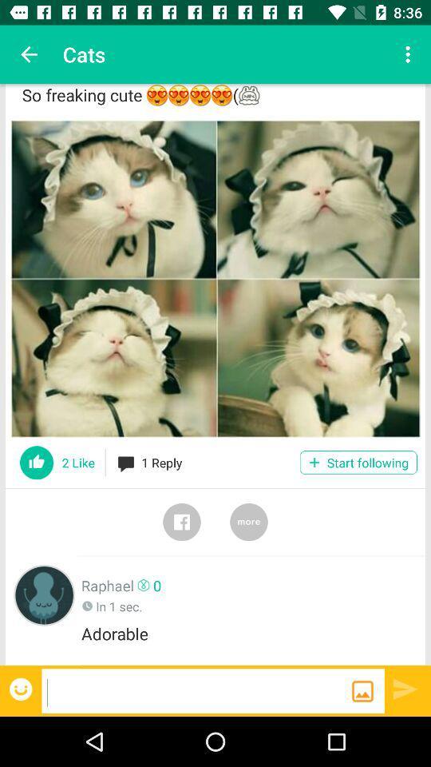  What do you see at coordinates (409, 54) in the screenshot?
I see `item at the top right corner` at bounding box center [409, 54].